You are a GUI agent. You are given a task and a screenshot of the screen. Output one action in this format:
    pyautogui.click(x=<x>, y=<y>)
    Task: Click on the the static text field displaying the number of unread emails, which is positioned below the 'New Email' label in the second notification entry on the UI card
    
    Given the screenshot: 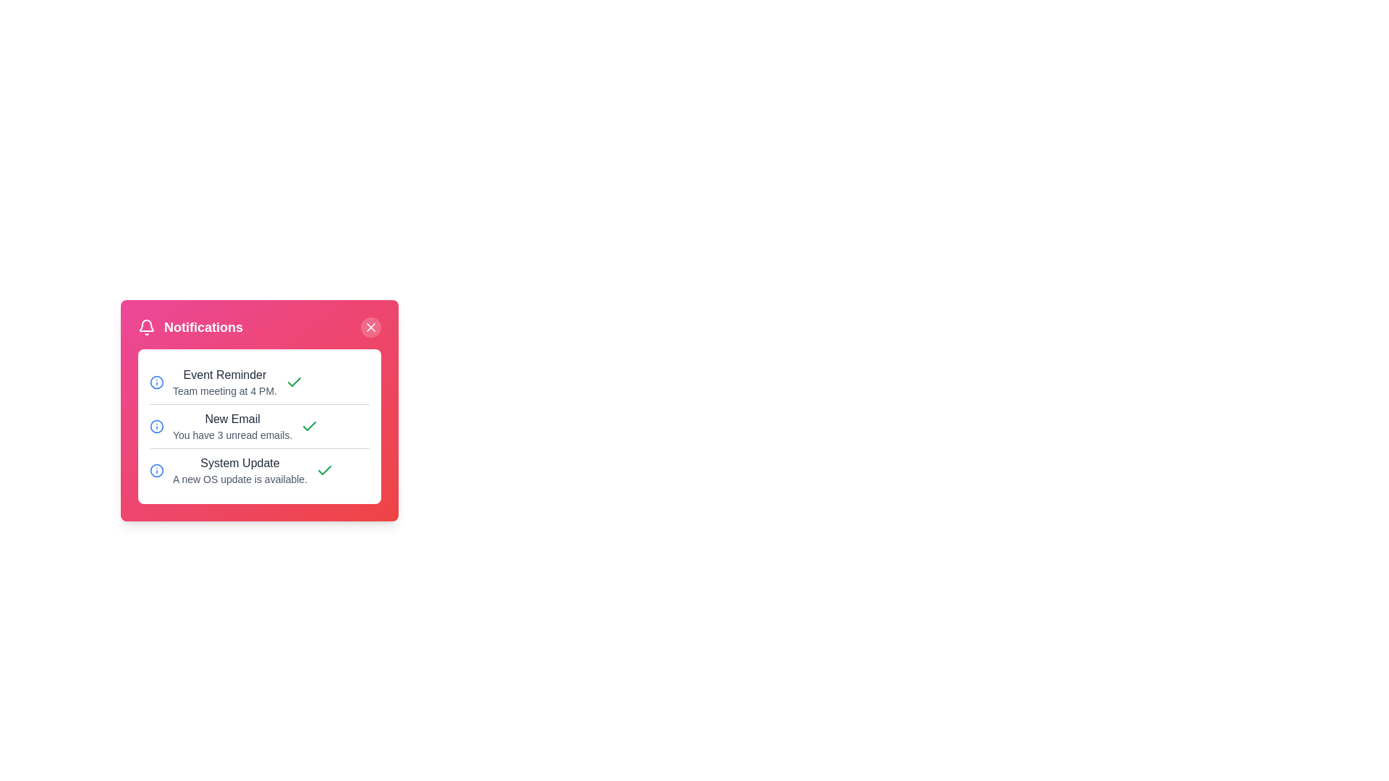 What is the action you would take?
    pyautogui.click(x=232, y=434)
    